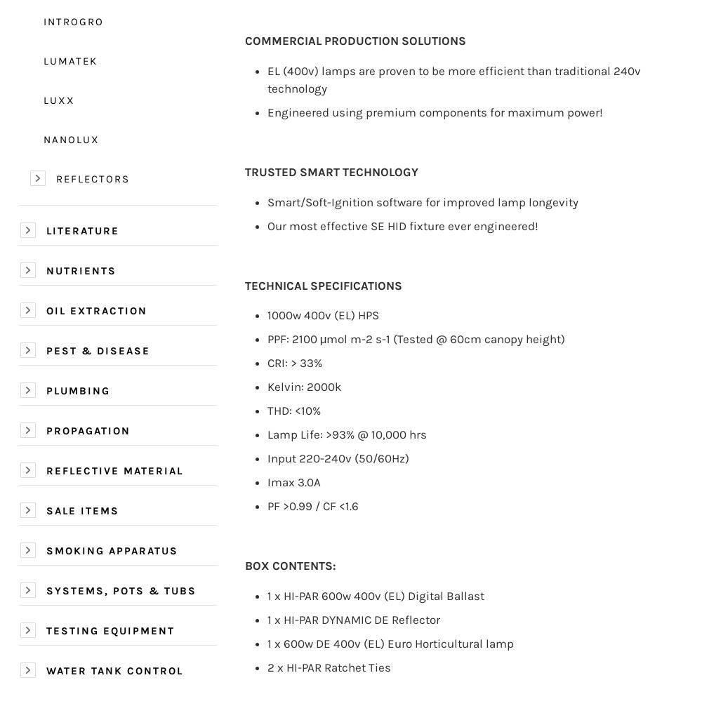  I want to click on 'Reflectors', so click(93, 178).